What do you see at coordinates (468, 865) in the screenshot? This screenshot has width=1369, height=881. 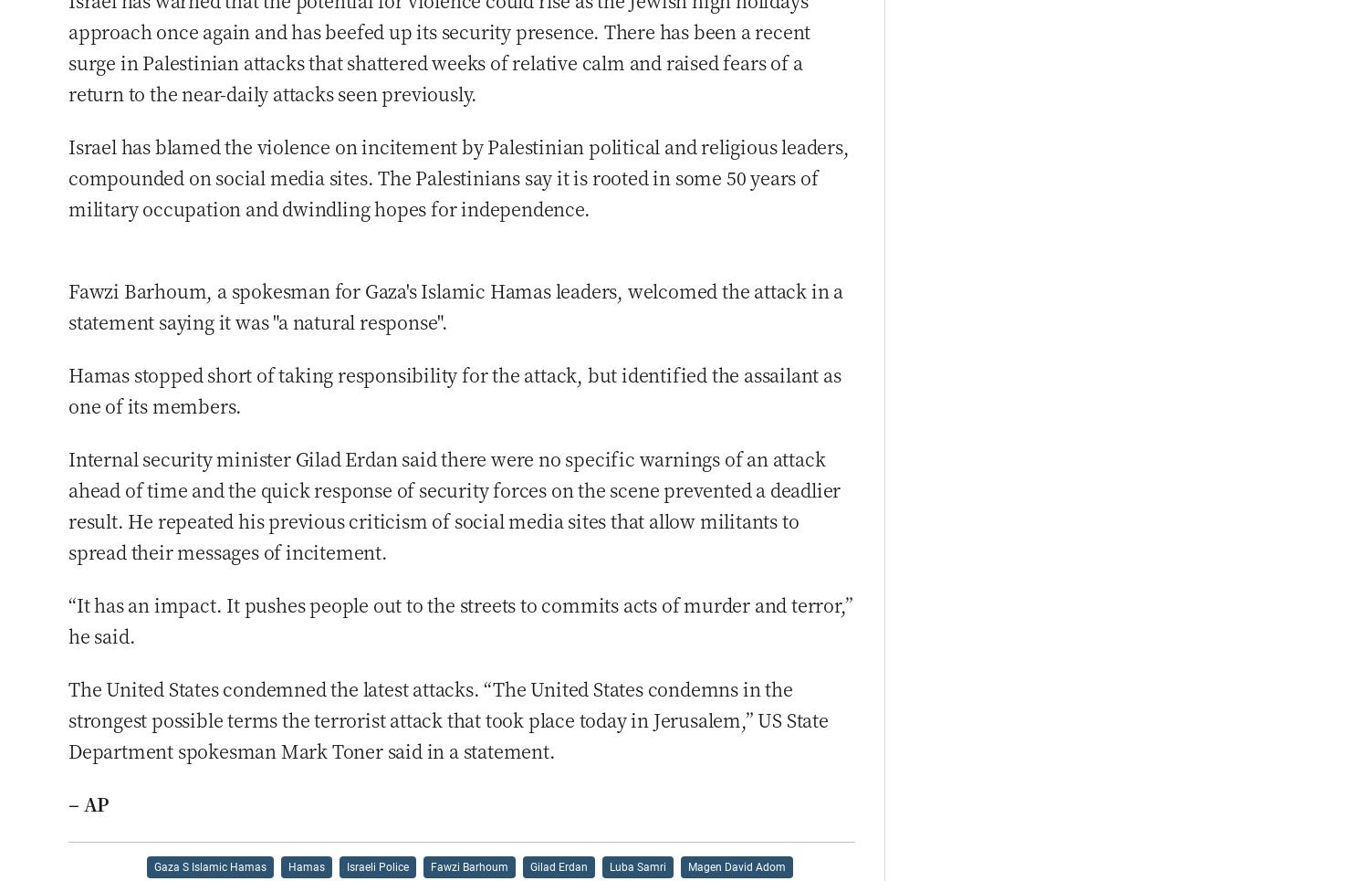 I see `'Fawzi Barhoum'` at bounding box center [468, 865].